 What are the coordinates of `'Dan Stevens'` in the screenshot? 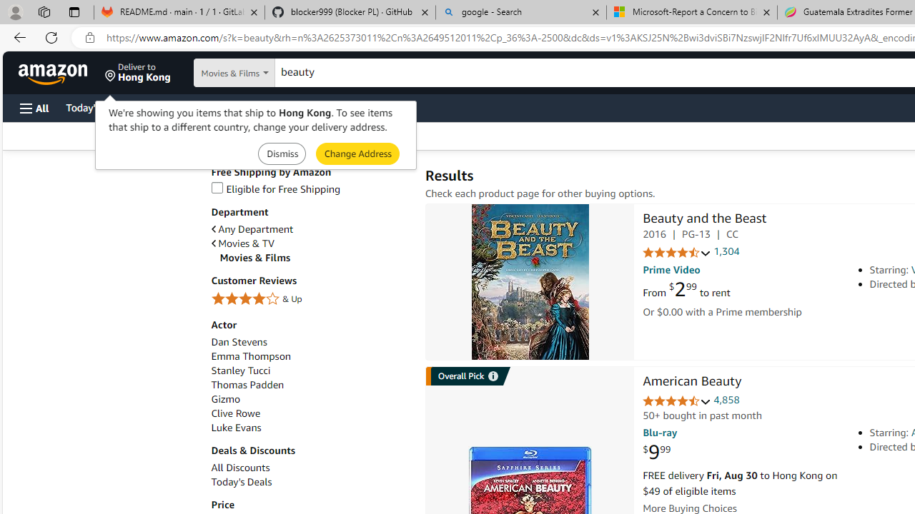 It's located at (310, 342).